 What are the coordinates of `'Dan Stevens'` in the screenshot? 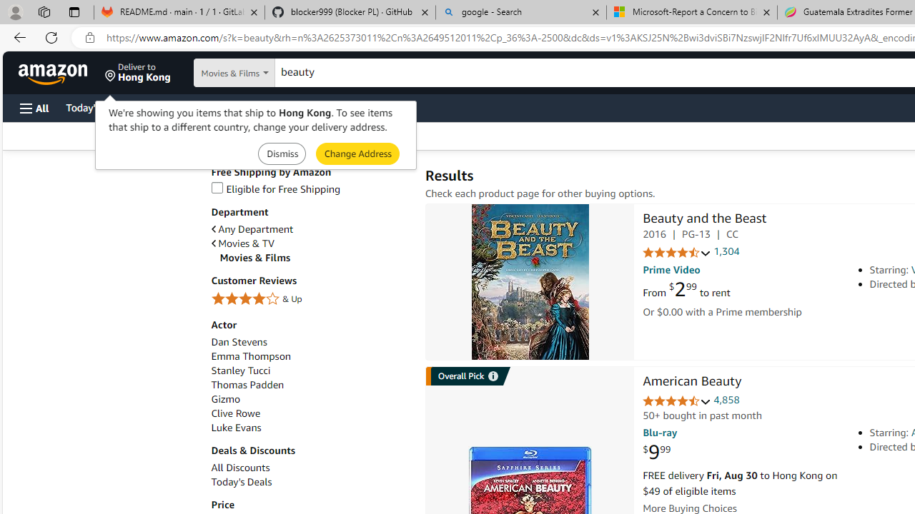 It's located at (310, 342).